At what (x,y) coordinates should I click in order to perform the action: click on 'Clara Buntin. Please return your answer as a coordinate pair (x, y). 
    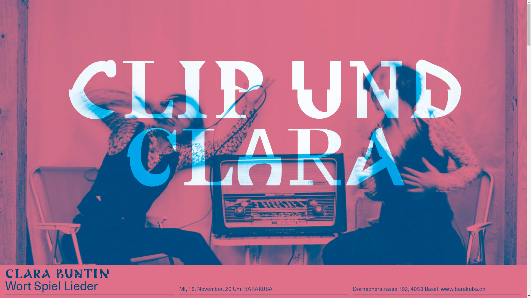
    Looking at the image, I should click on (58, 282).